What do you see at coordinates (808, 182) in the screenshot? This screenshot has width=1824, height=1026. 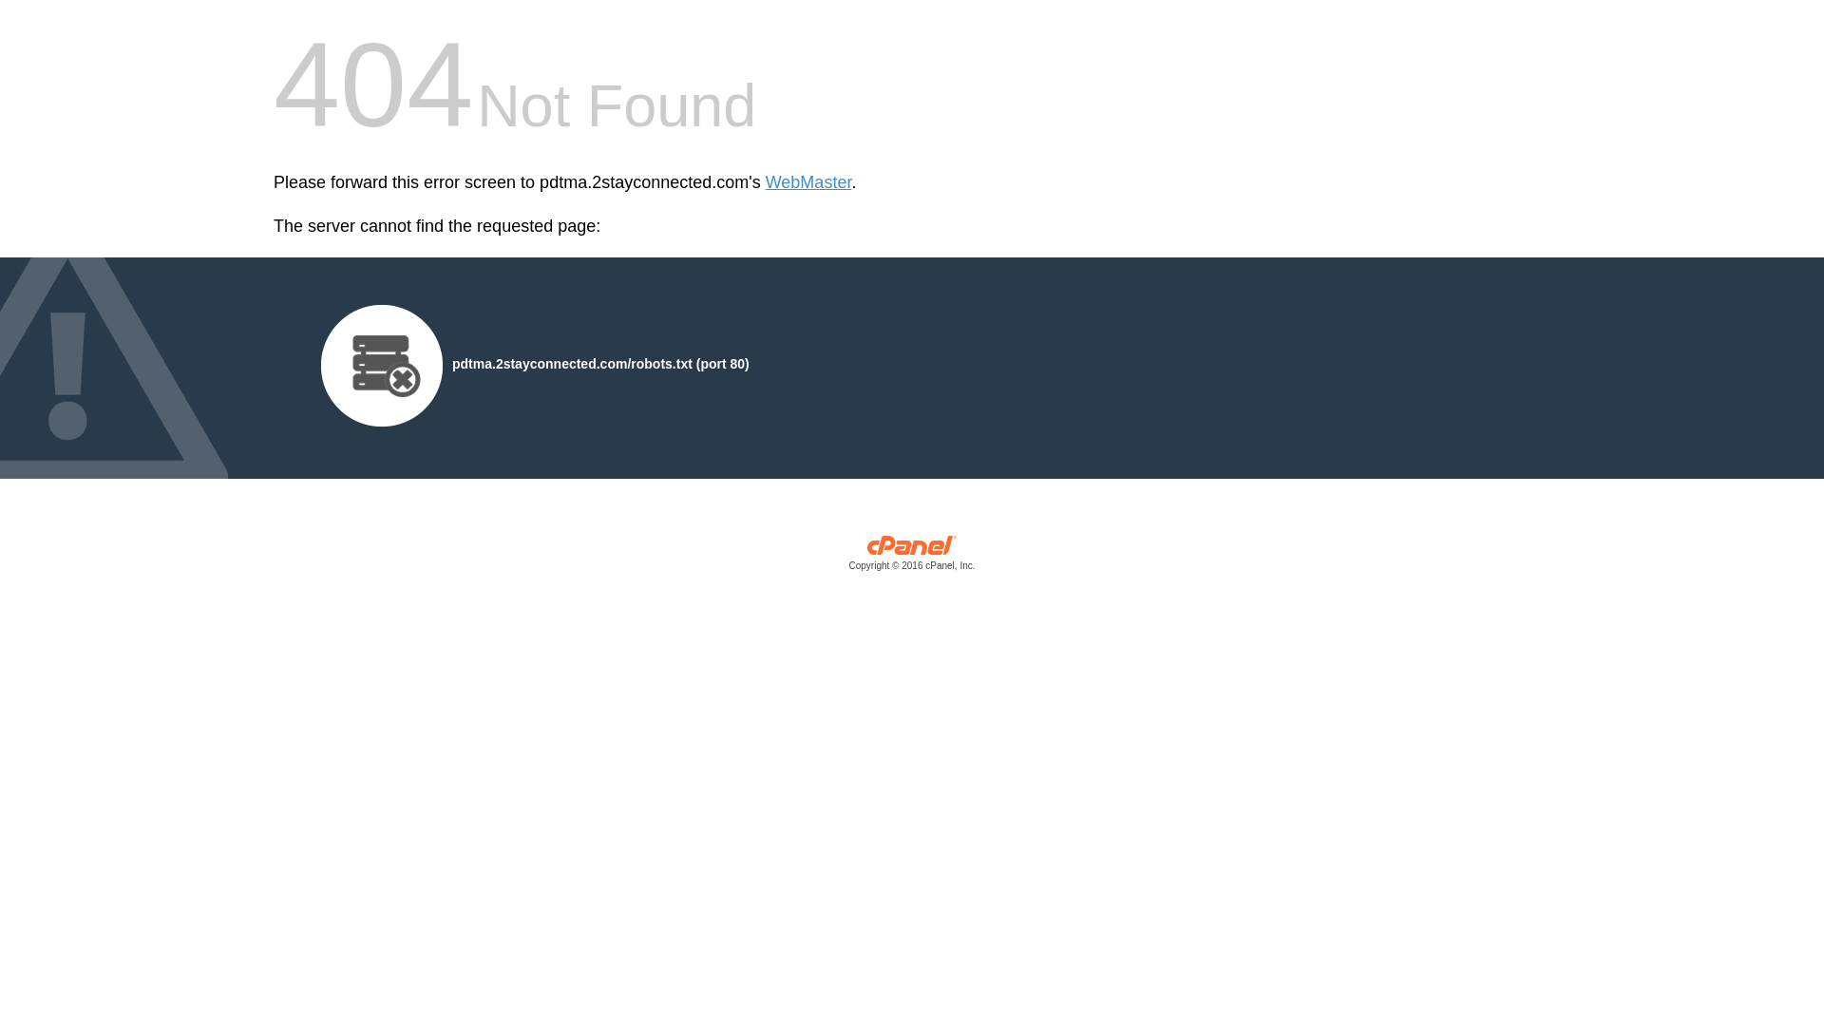 I see `'WebMaster'` at bounding box center [808, 182].